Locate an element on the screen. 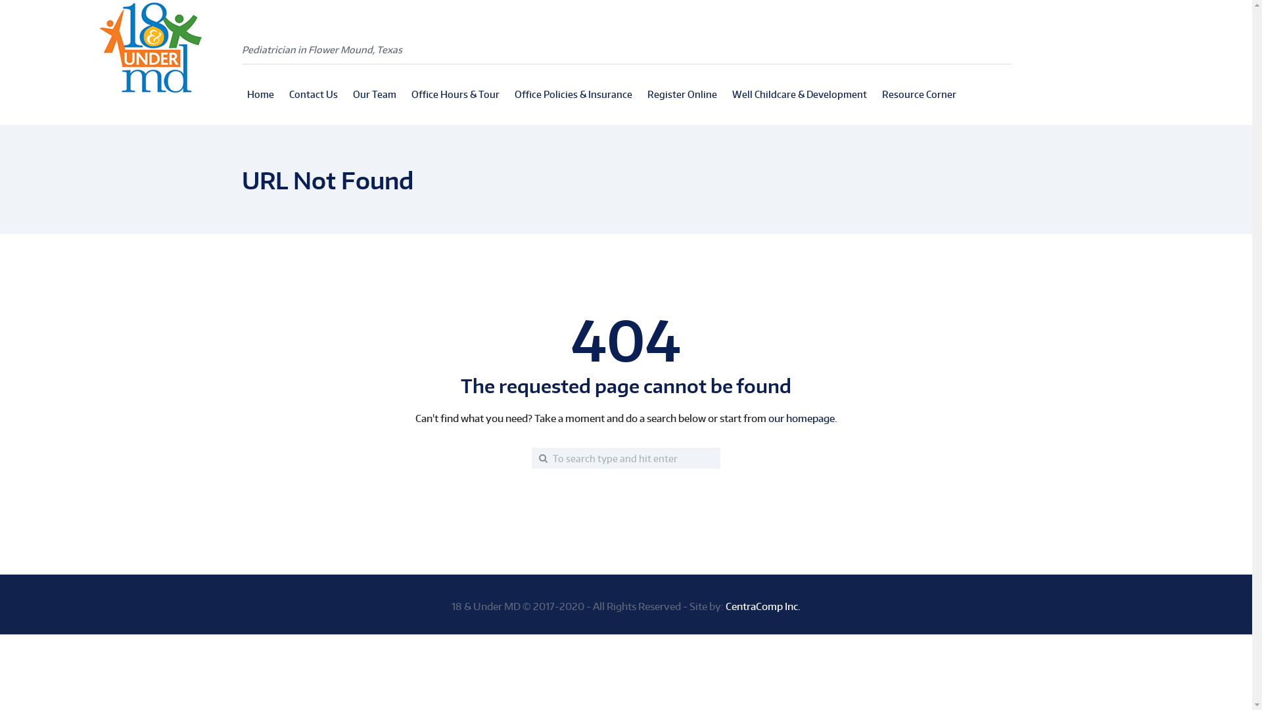 The width and height of the screenshot is (1262, 710). 'CentraComp Inc.' is located at coordinates (725, 606).